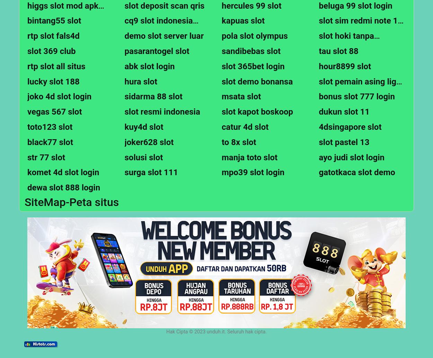  What do you see at coordinates (344, 111) in the screenshot?
I see `'dukun slot 11'` at bounding box center [344, 111].